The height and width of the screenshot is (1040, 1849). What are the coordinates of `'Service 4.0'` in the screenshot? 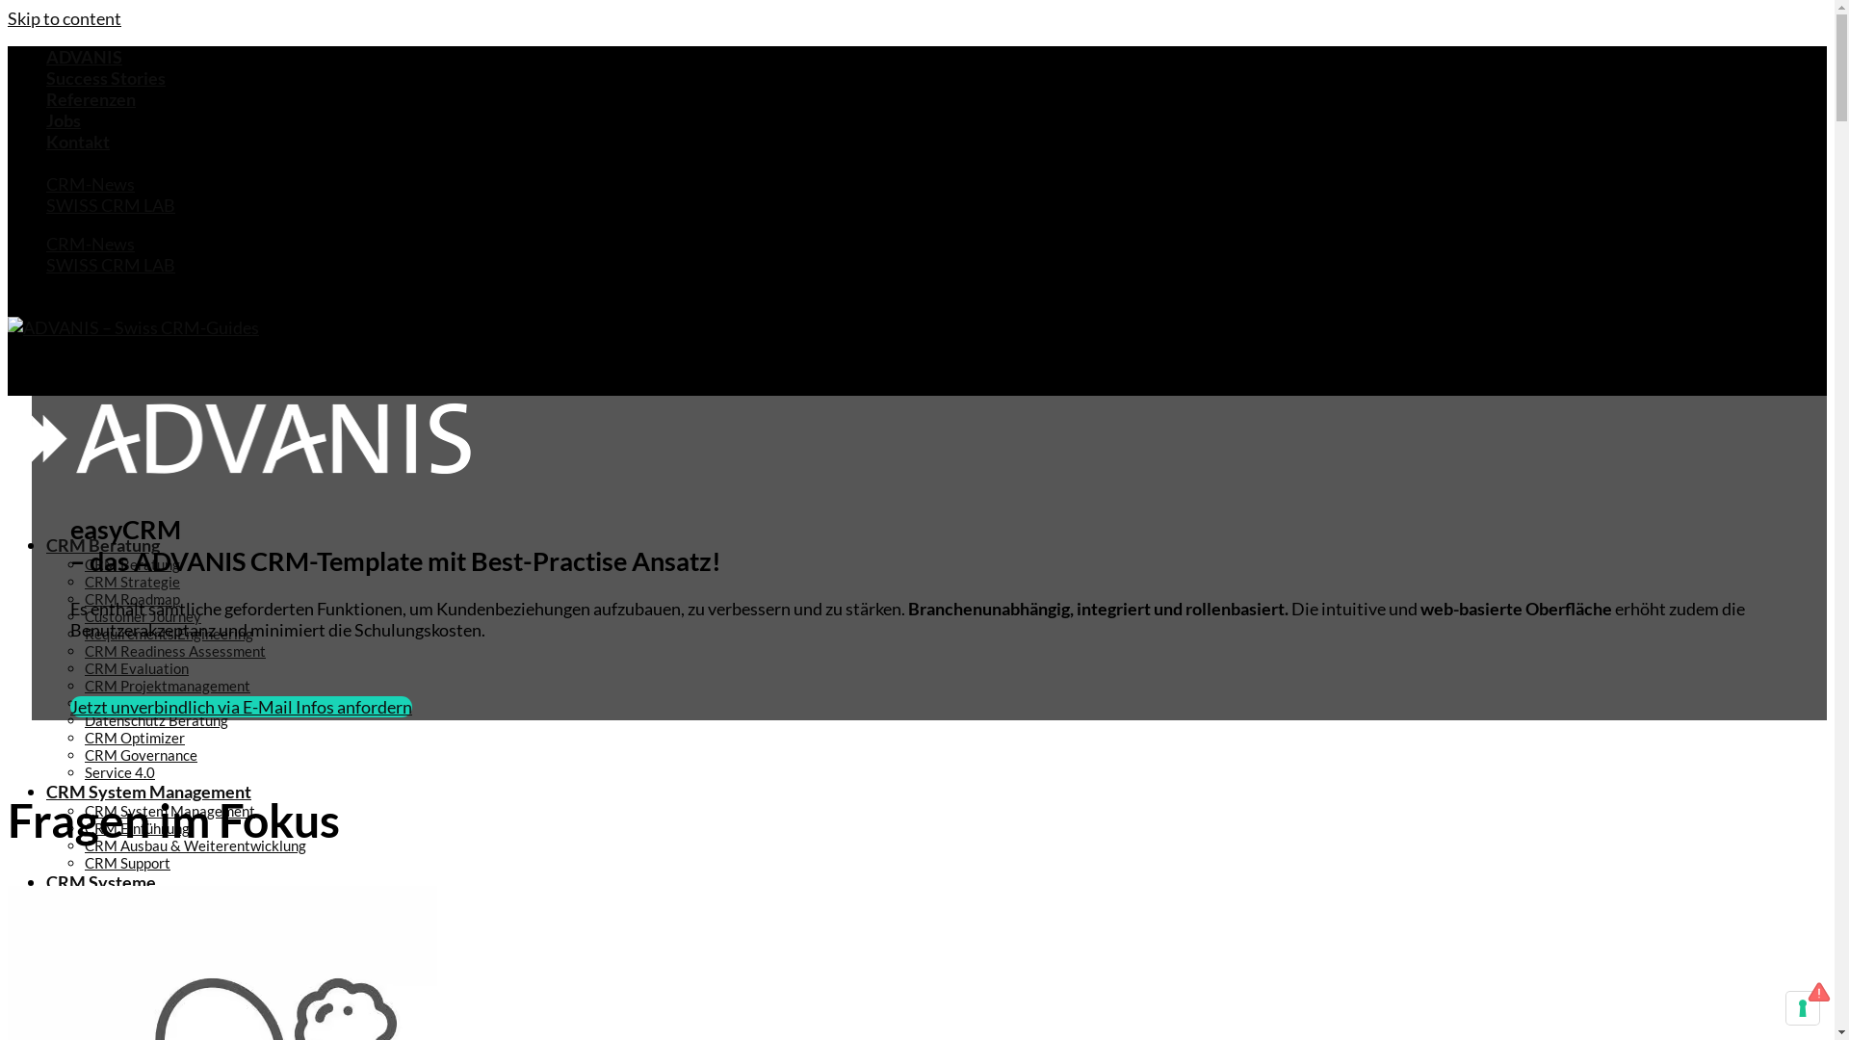 It's located at (118, 771).